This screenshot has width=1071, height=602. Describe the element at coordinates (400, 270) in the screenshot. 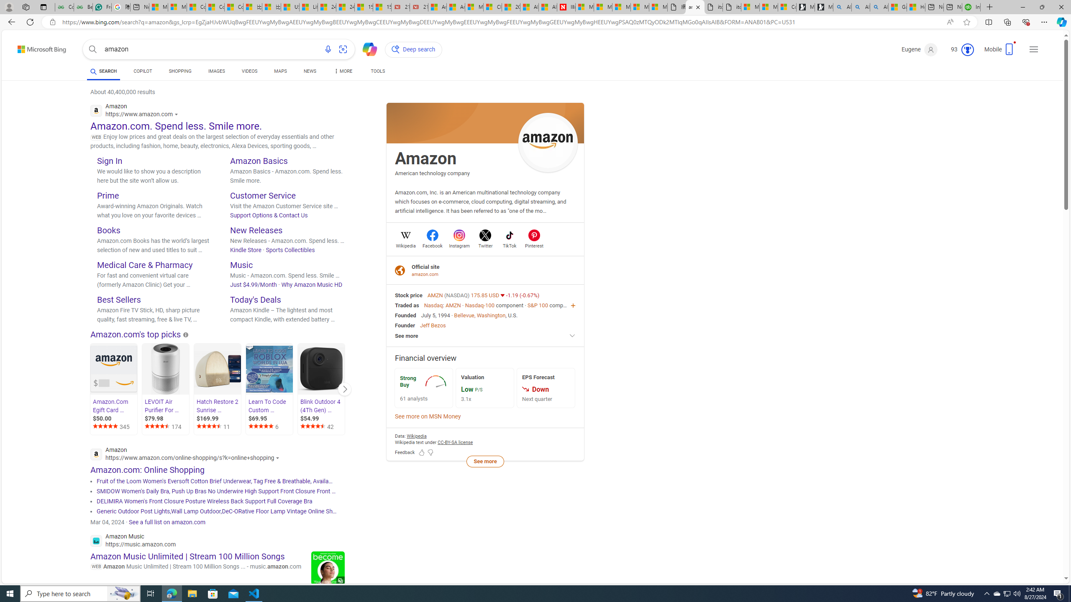

I see `'Class: sp-ofsite'` at that location.